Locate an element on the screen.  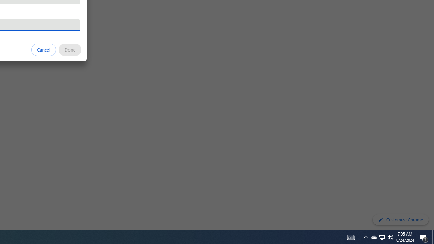
'Cancel' is located at coordinates (43, 49).